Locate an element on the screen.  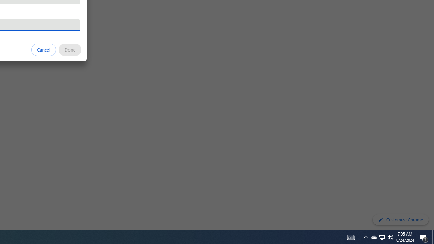
'Cancel' is located at coordinates (43, 49).